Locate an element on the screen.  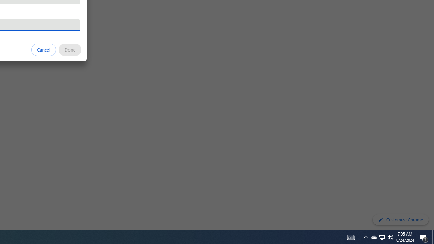
'Cancel' is located at coordinates (43, 49).